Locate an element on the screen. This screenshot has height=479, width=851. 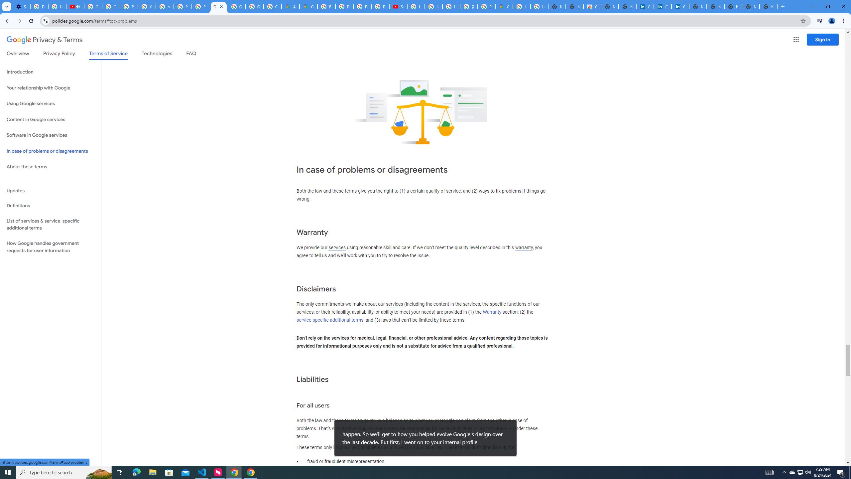
'List of services & service-specific additional terms' is located at coordinates (50, 224).